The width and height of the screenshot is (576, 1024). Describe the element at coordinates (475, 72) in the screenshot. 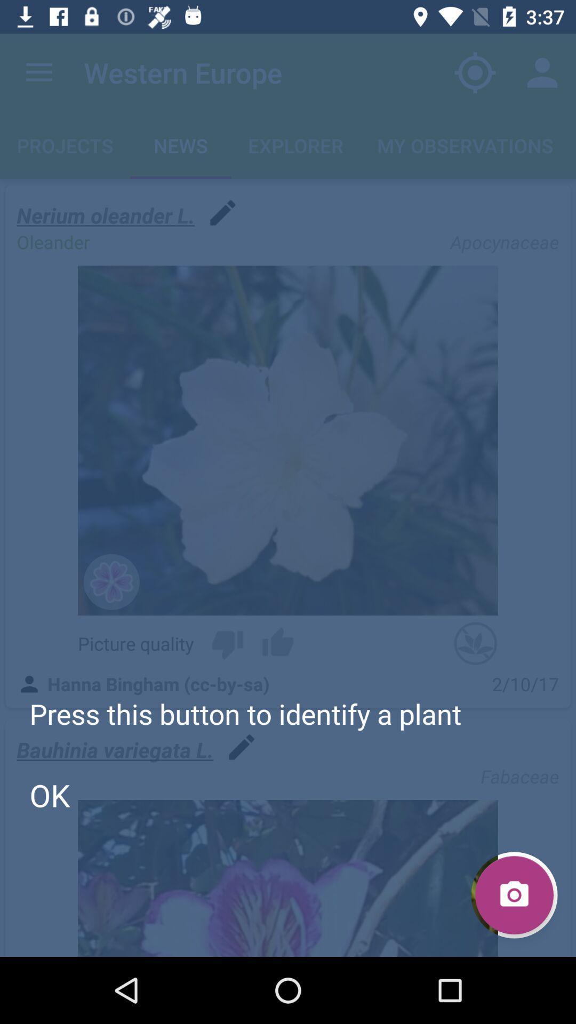

I see `item next to the western europe item` at that location.